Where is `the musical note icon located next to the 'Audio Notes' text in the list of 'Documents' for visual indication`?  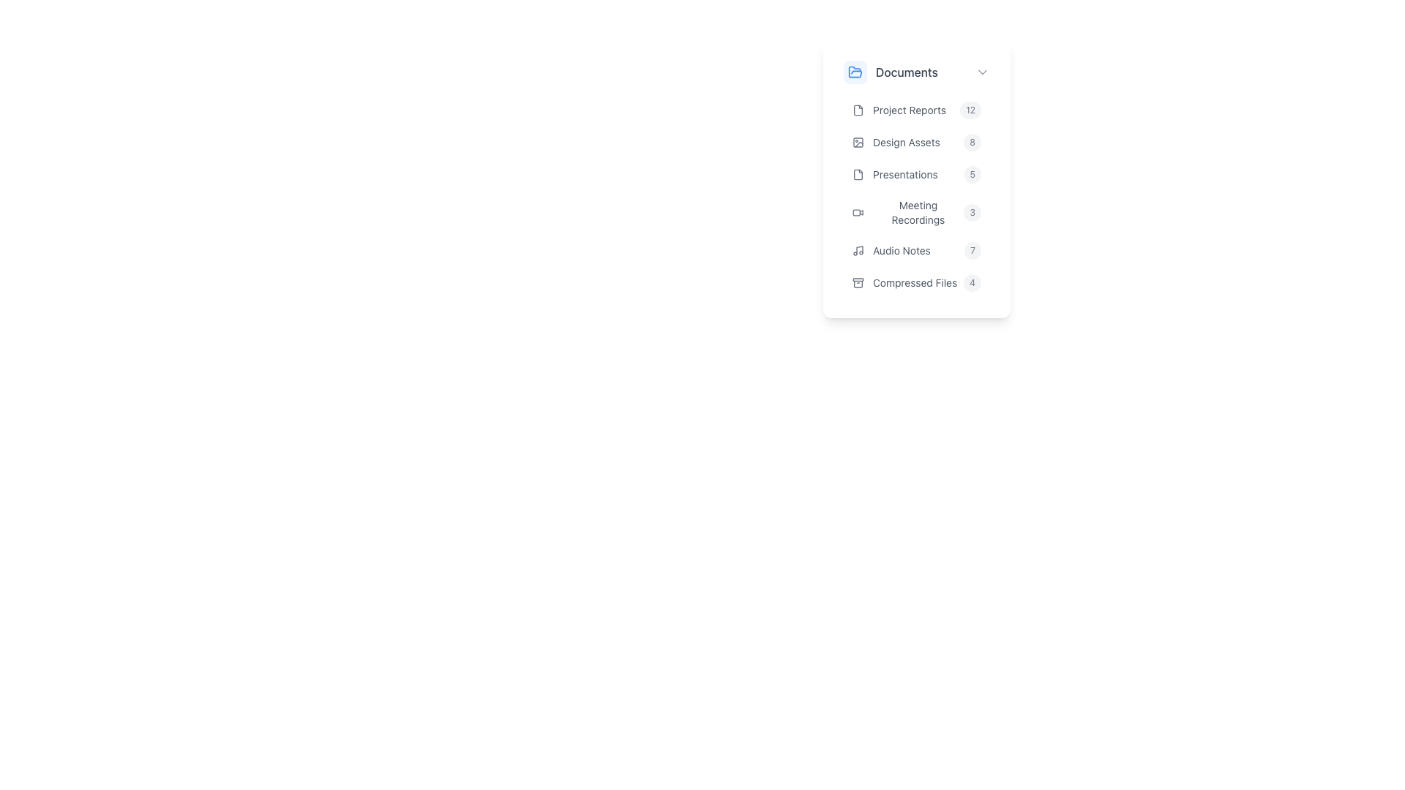
the musical note icon located next to the 'Audio Notes' text in the list of 'Documents' for visual indication is located at coordinates (858, 250).